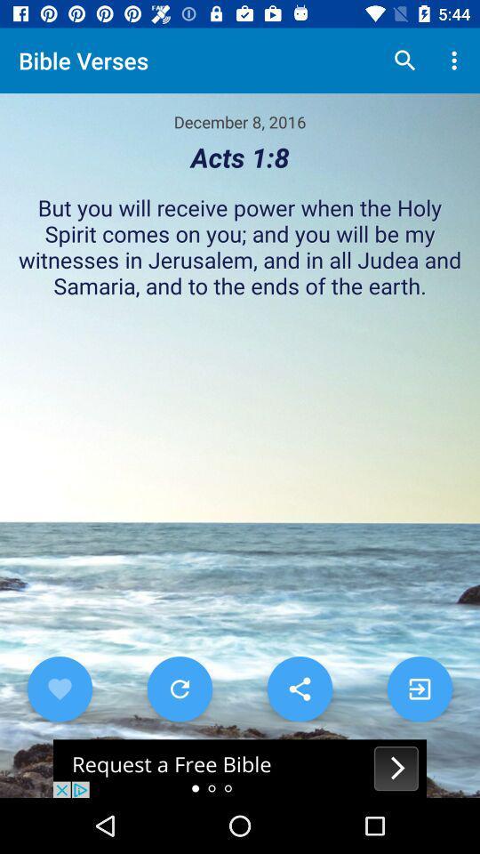 The width and height of the screenshot is (480, 854). Describe the element at coordinates (300, 688) in the screenshot. I see `to share to others` at that location.